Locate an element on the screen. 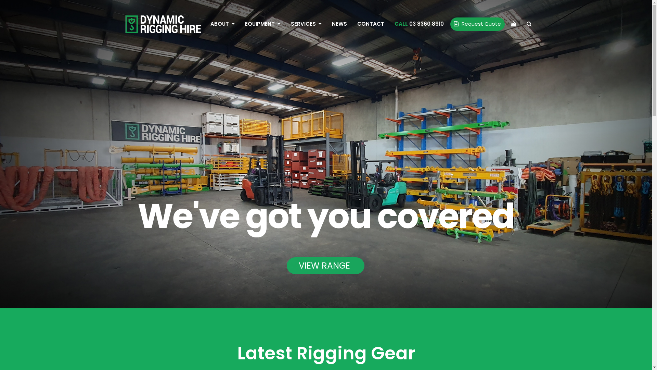 This screenshot has height=370, width=657. 'CONTACT' is located at coordinates (370, 23).